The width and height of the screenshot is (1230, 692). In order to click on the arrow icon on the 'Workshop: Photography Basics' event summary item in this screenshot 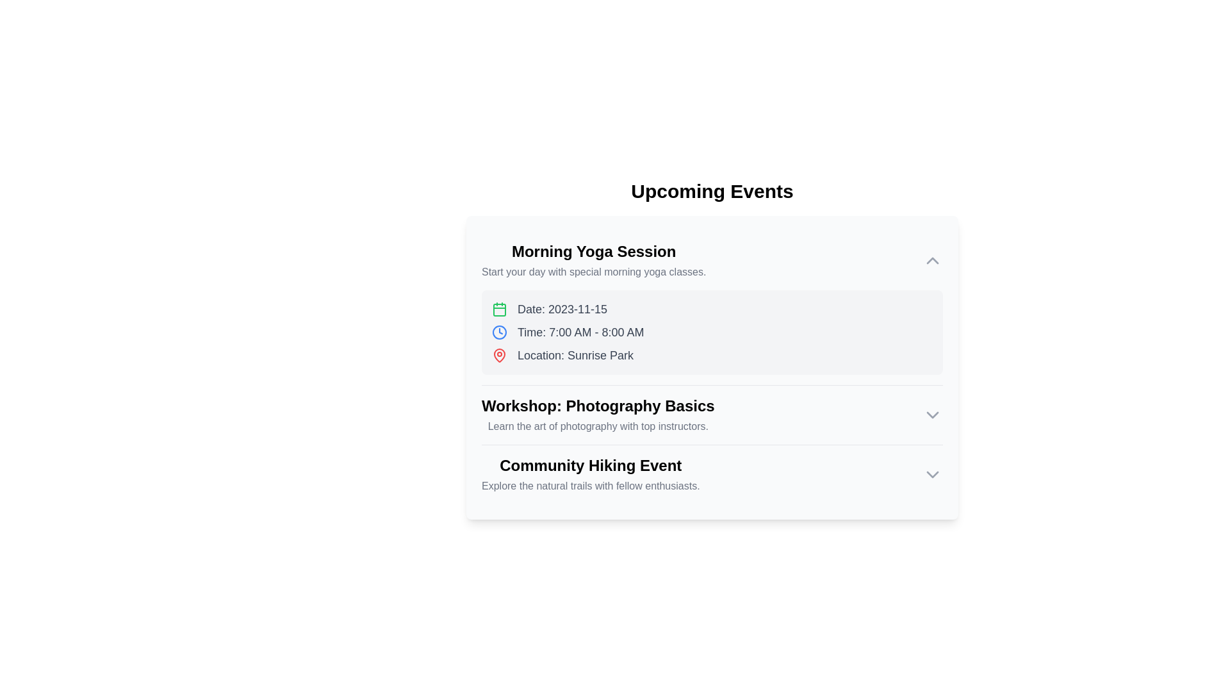, I will do `click(712, 415)`.